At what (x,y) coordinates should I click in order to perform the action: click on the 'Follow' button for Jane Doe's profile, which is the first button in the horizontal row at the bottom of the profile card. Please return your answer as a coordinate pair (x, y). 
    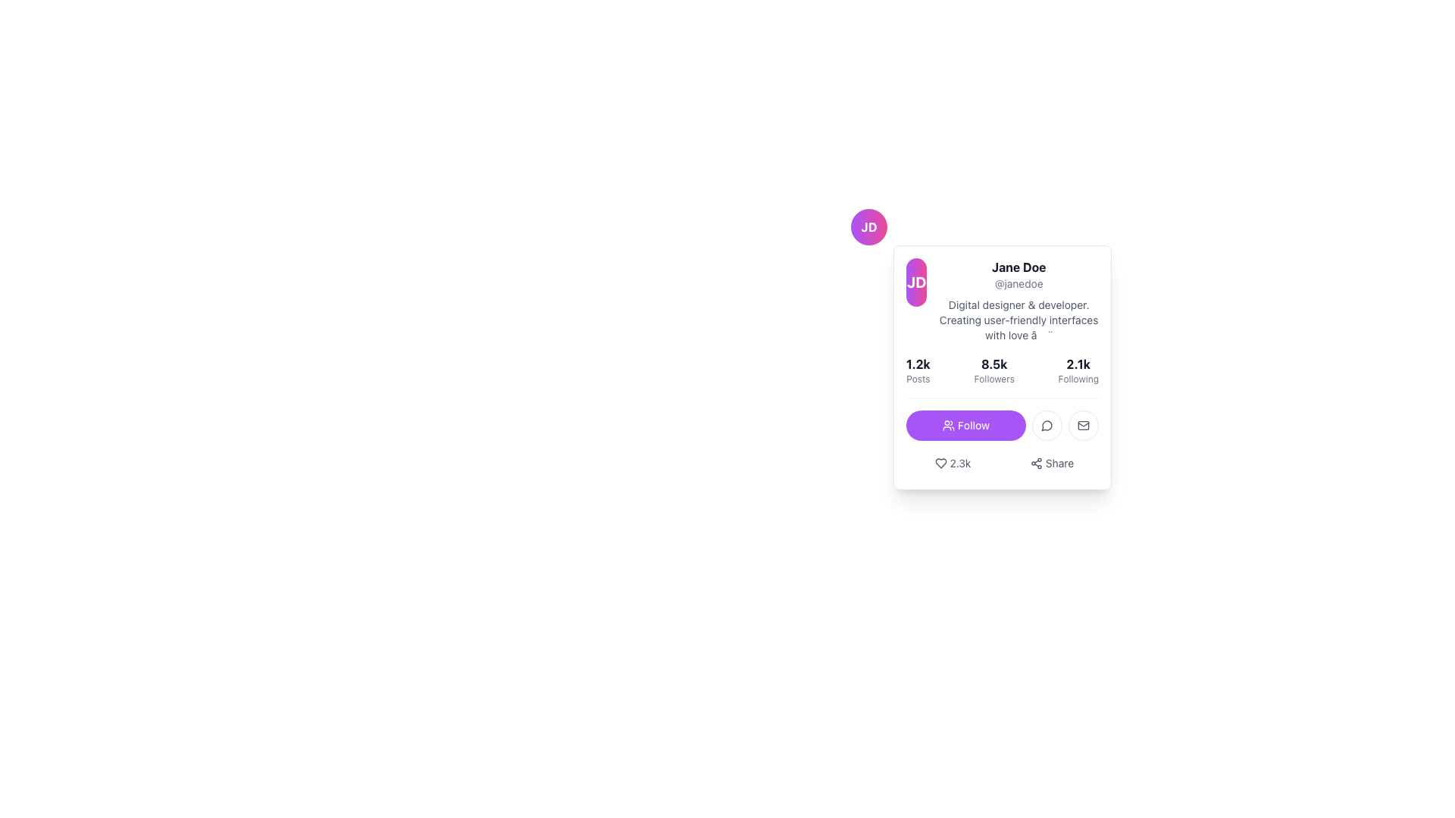
    Looking at the image, I should click on (1003, 426).